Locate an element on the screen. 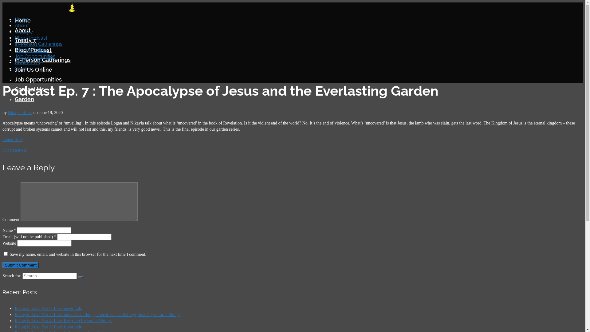  'Blog/Podcast' is located at coordinates (33, 49).